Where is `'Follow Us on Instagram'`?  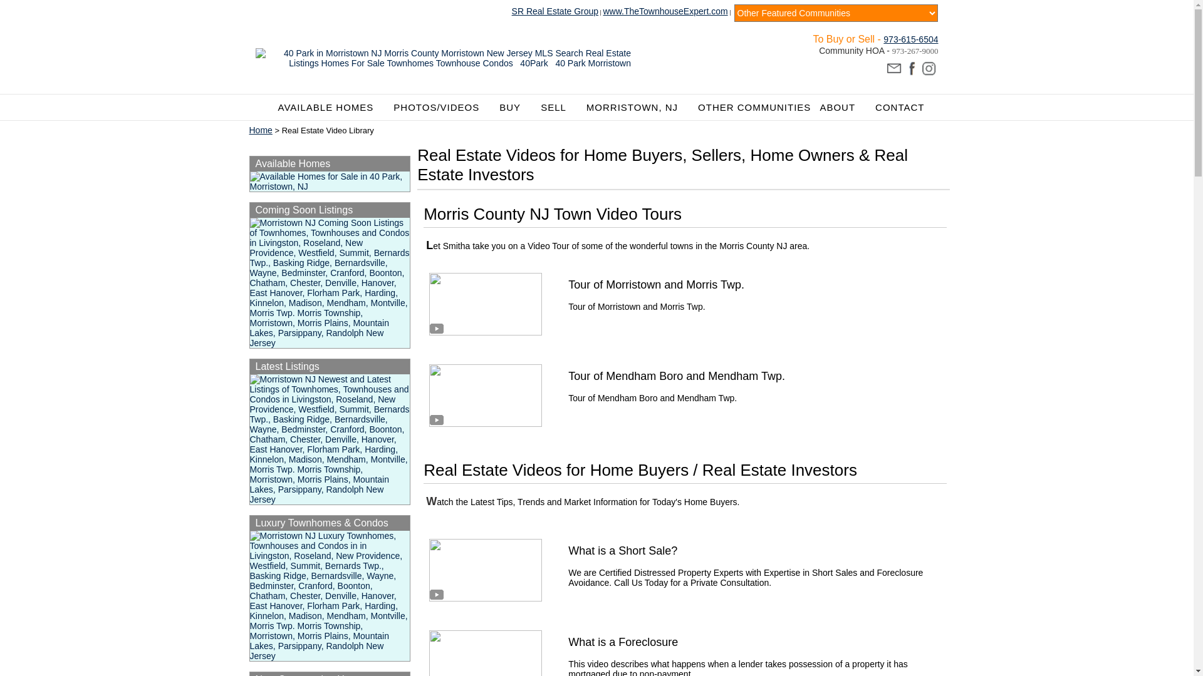
'Follow Us on Instagram' is located at coordinates (929, 69).